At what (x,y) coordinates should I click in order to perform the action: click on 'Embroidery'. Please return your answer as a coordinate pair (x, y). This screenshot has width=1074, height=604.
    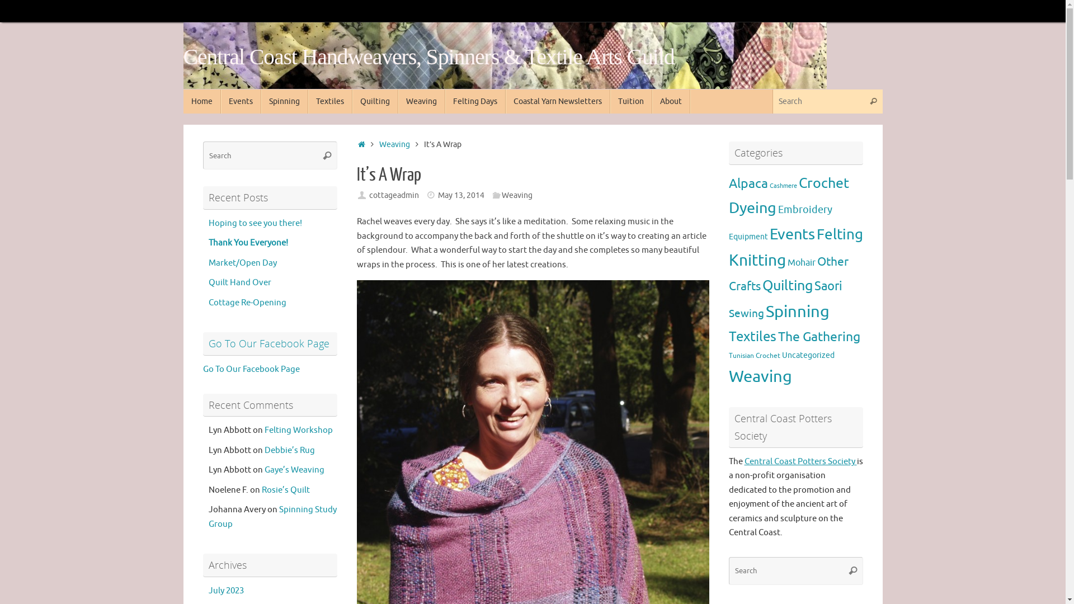
    Looking at the image, I should click on (804, 209).